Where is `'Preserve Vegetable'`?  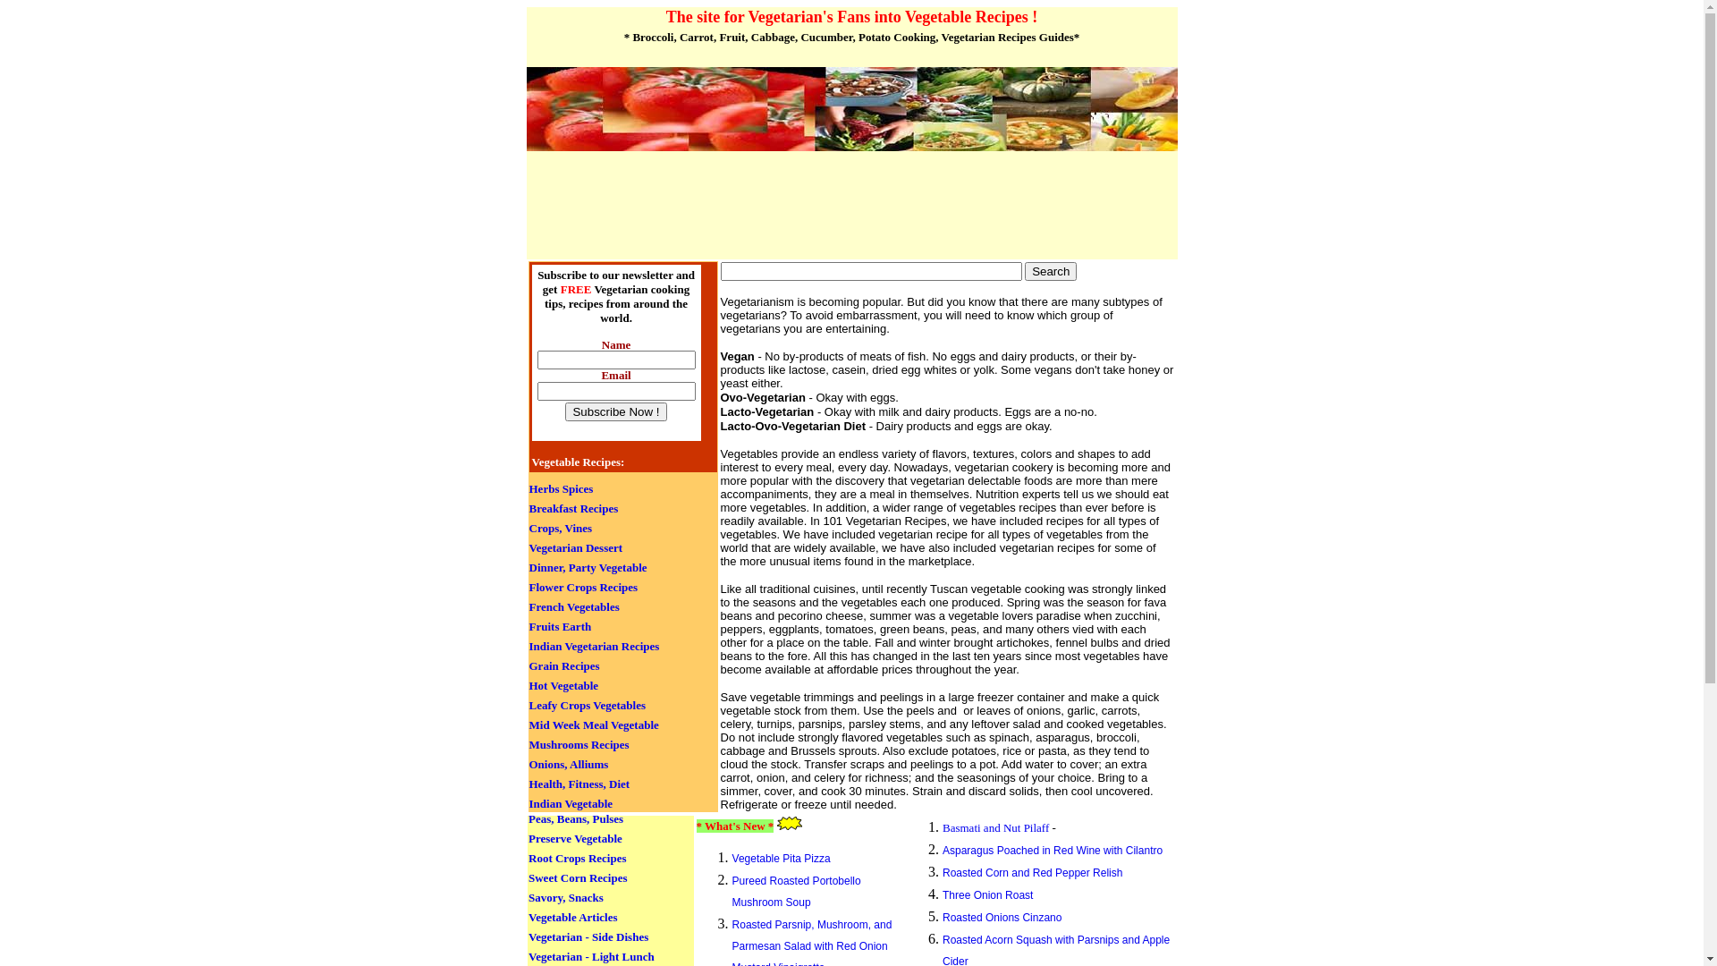 'Preserve Vegetable' is located at coordinates (527, 838).